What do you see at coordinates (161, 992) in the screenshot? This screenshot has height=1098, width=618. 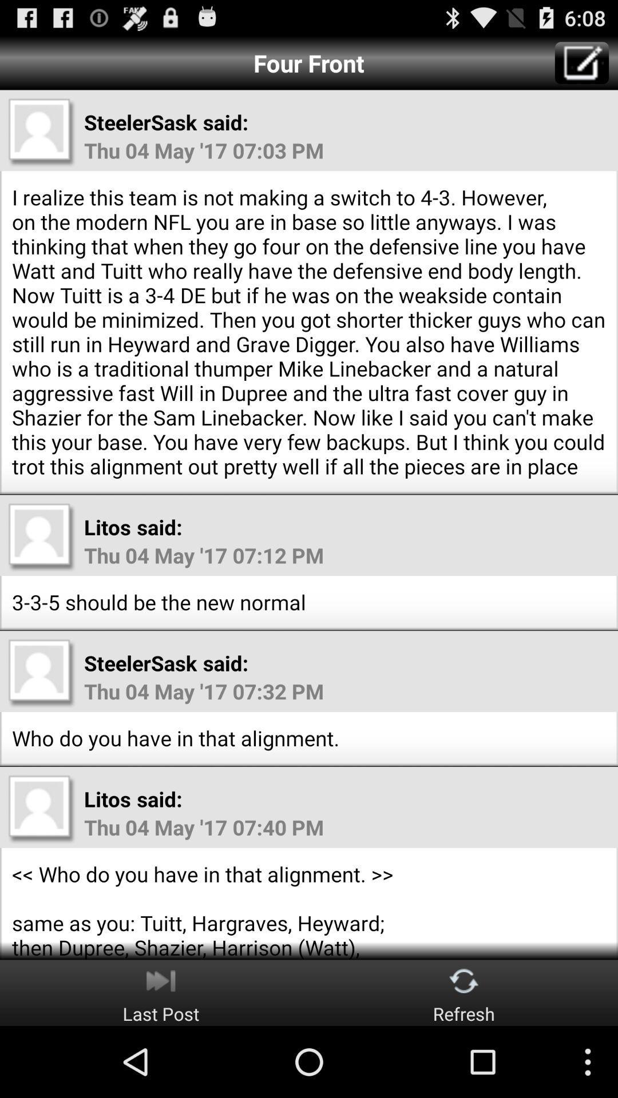 I see `the last post button` at bounding box center [161, 992].